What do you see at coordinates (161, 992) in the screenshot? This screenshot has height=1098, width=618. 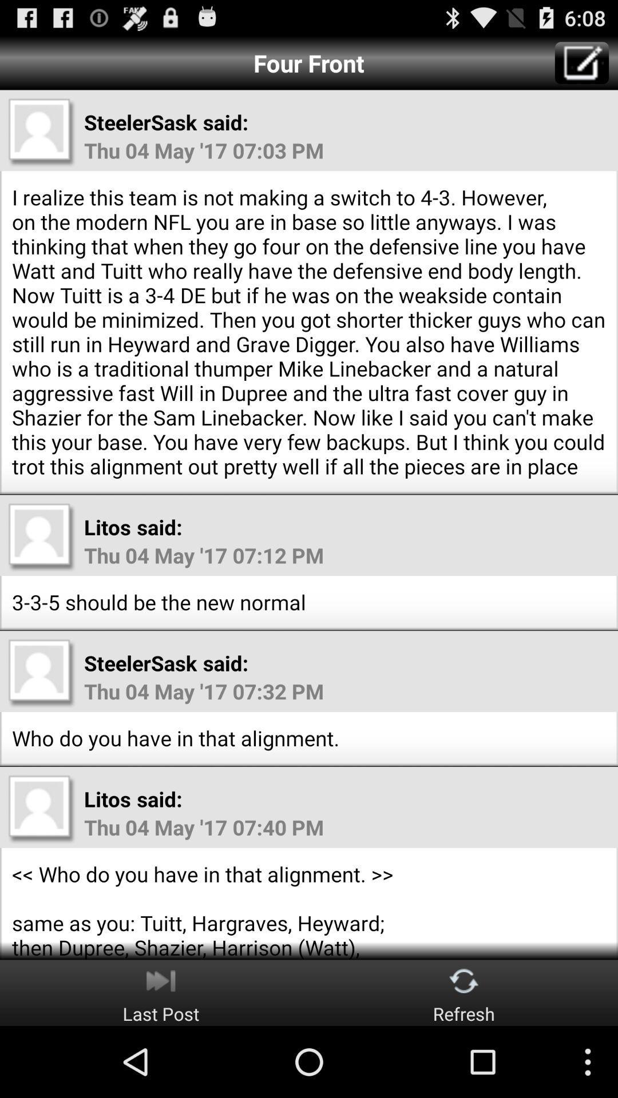 I see `the last post button` at bounding box center [161, 992].